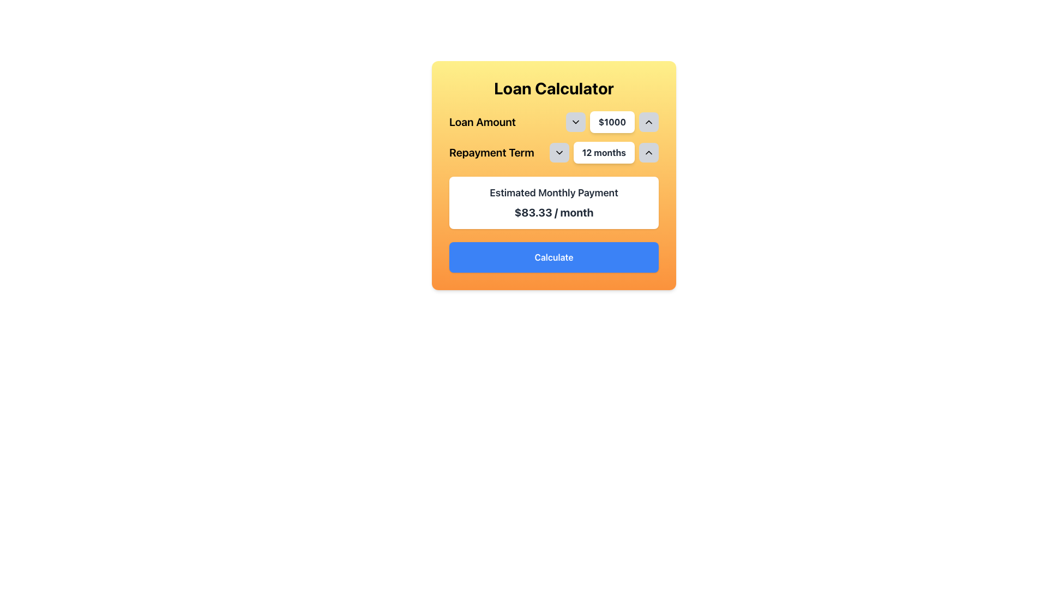  What do you see at coordinates (649, 153) in the screenshot?
I see `the small, light gray button with a black upward-pointing chevron icon located to the right of the '12 months' text in the 'Repayment Term' section` at bounding box center [649, 153].